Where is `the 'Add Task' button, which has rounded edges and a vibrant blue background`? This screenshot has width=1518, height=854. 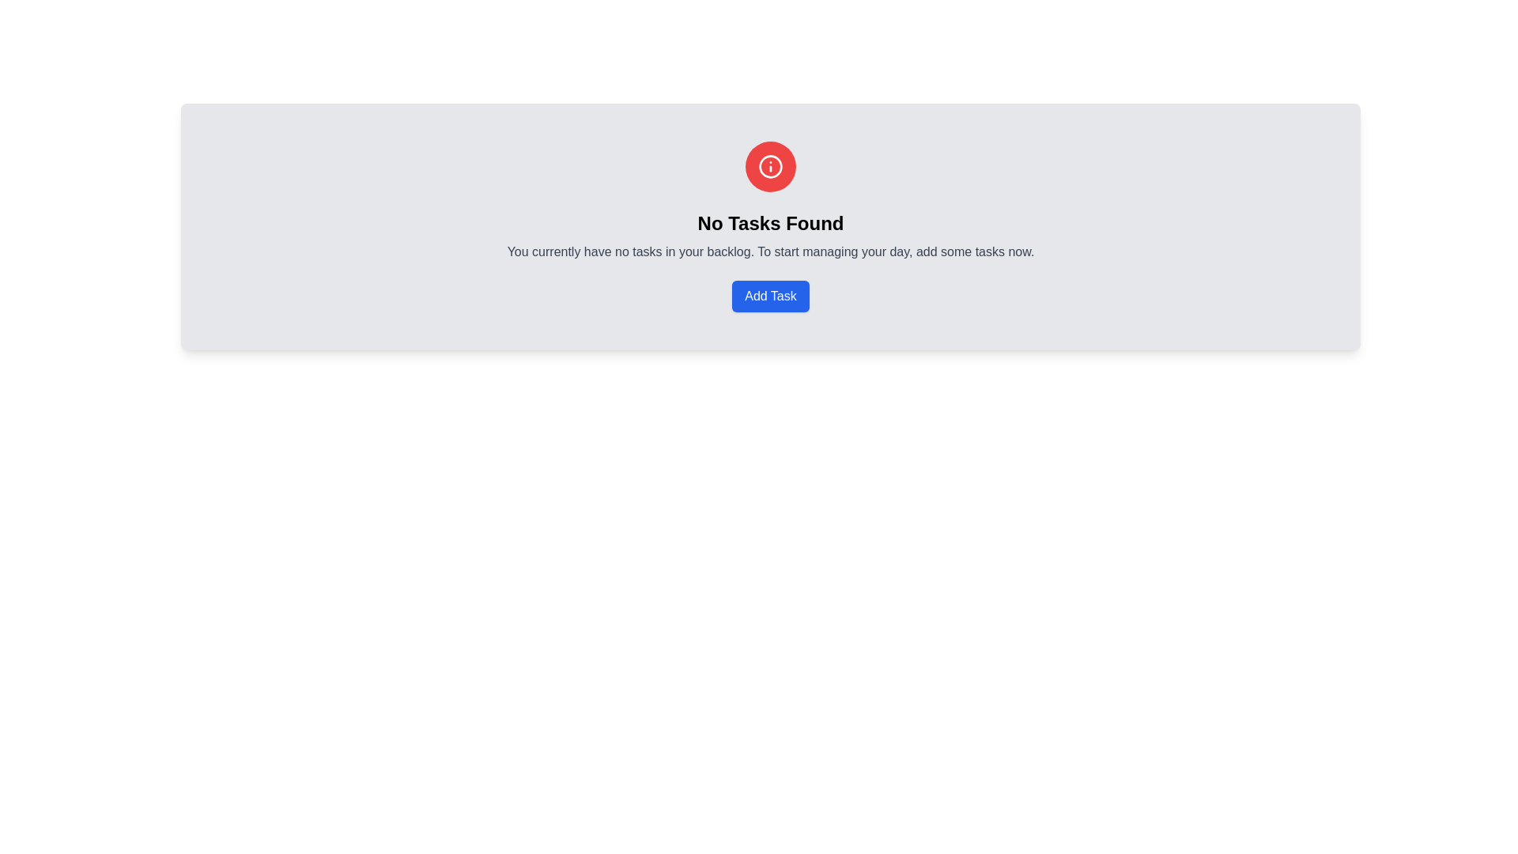 the 'Add Task' button, which has rounded edges and a vibrant blue background is located at coordinates (770, 296).